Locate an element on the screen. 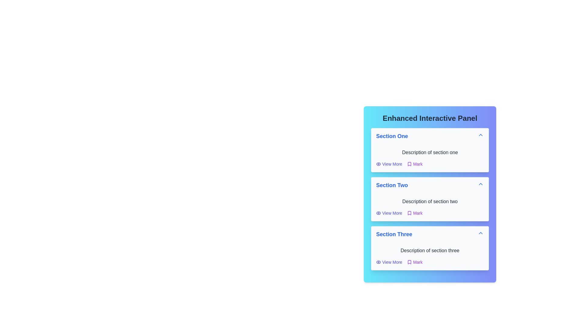 This screenshot has height=327, width=582. the Chevron icon button located at the far right side of the header section labeled 'Section Two' is located at coordinates (480, 184).